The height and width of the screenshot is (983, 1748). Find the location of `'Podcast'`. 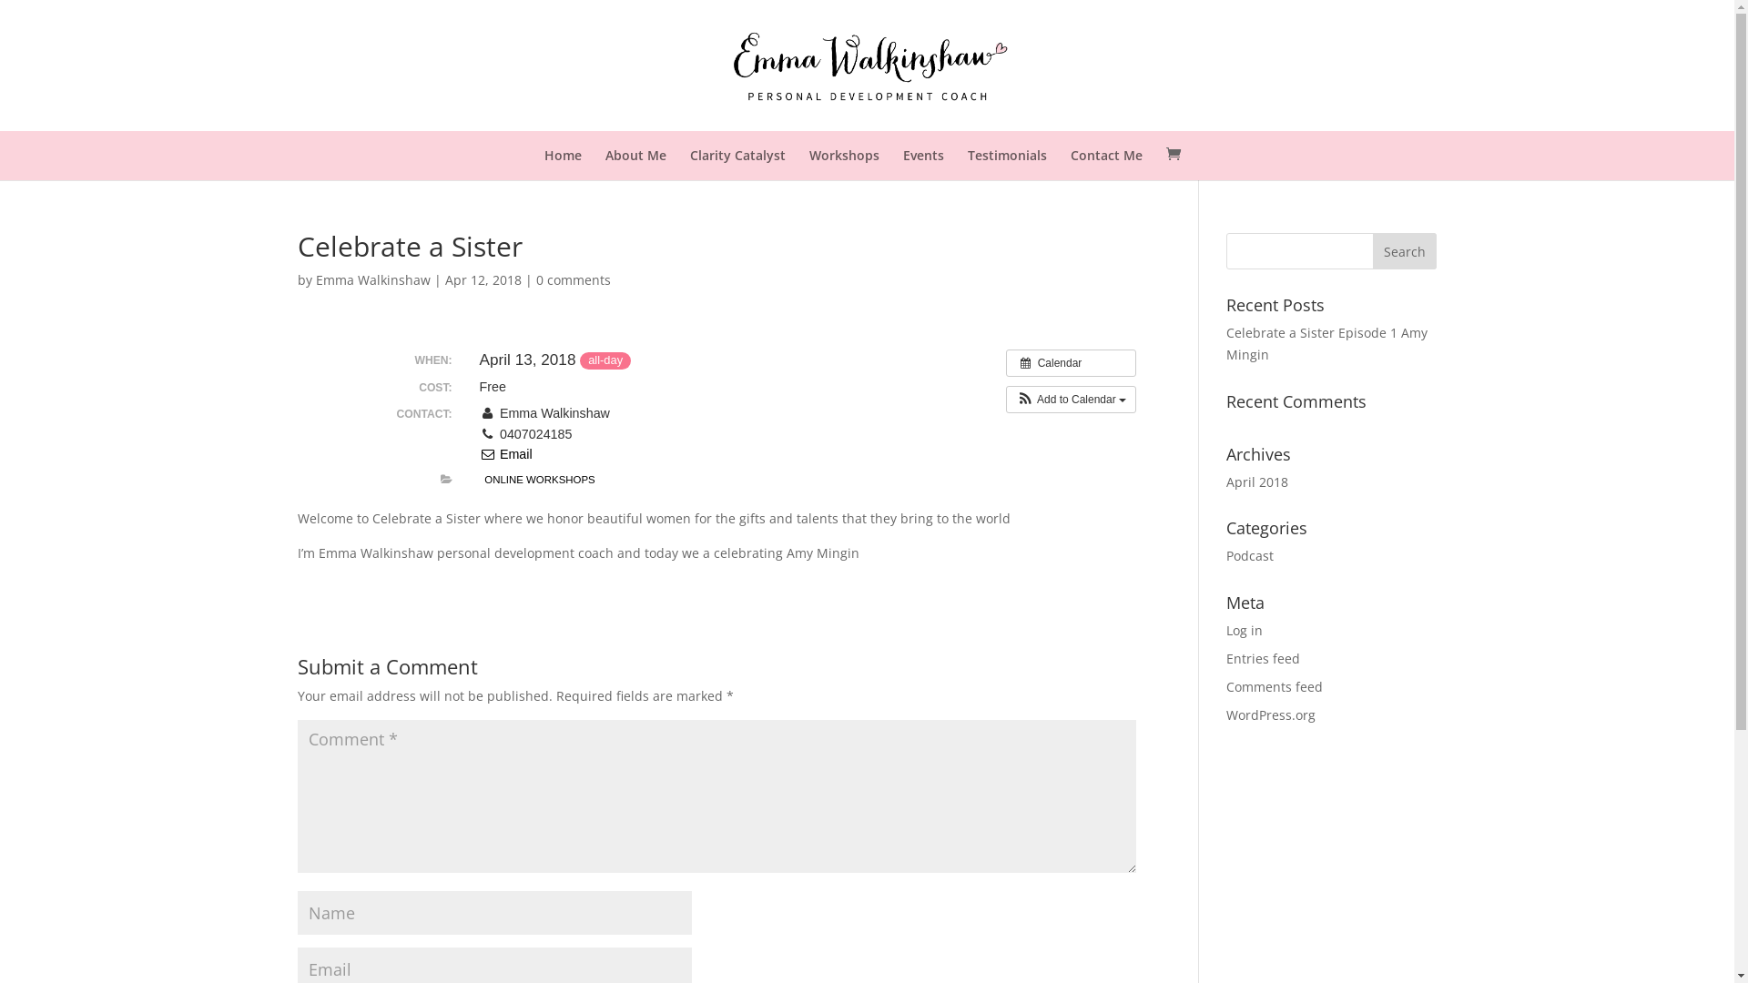

'Podcast' is located at coordinates (1248, 554).